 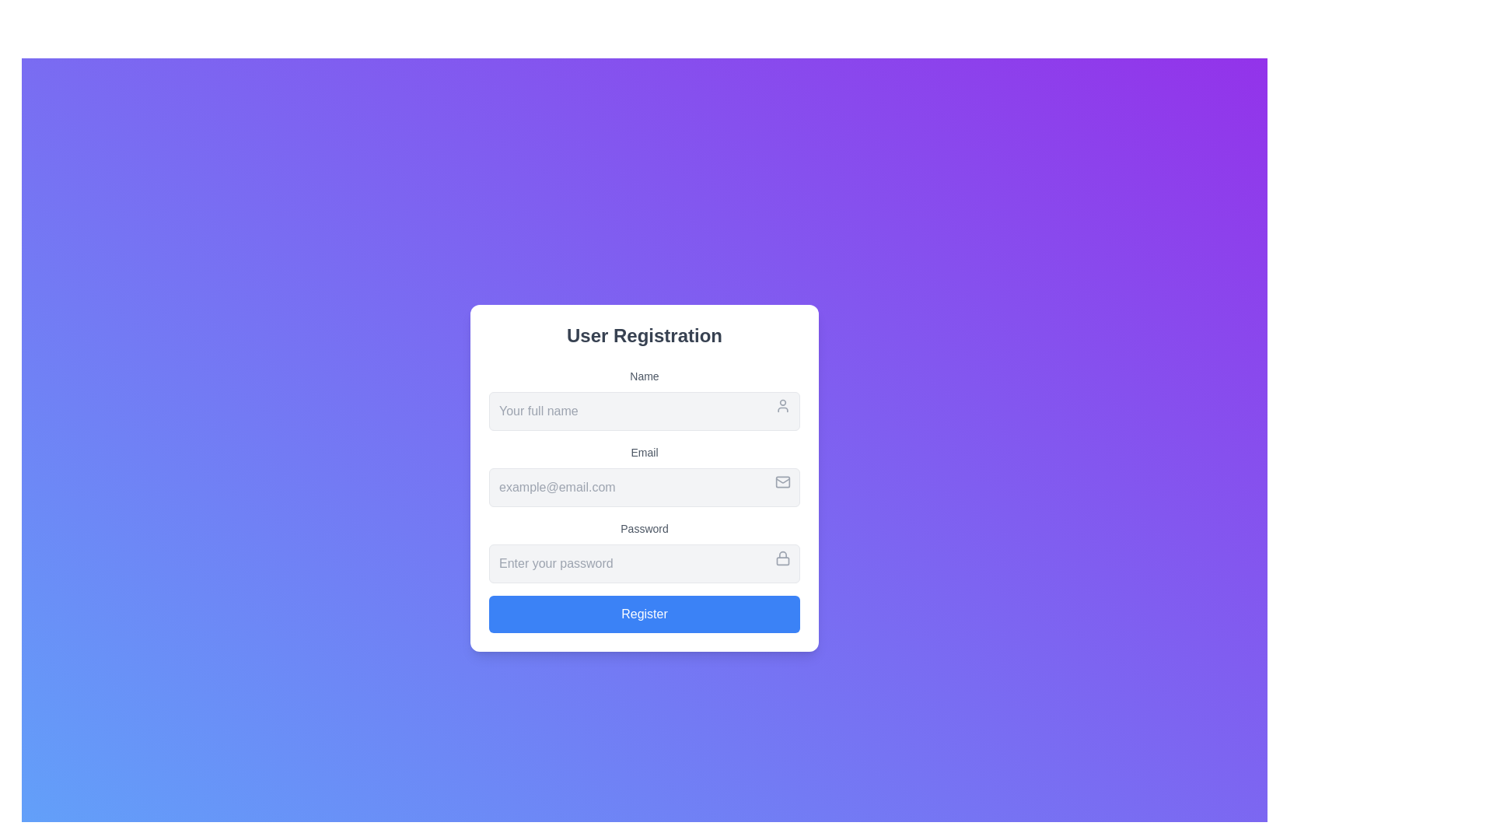 I want to click on the heading element that serves as the title for the user registration form, which is centered horizontally and located at the top of the form, so click(x=645, y=335).